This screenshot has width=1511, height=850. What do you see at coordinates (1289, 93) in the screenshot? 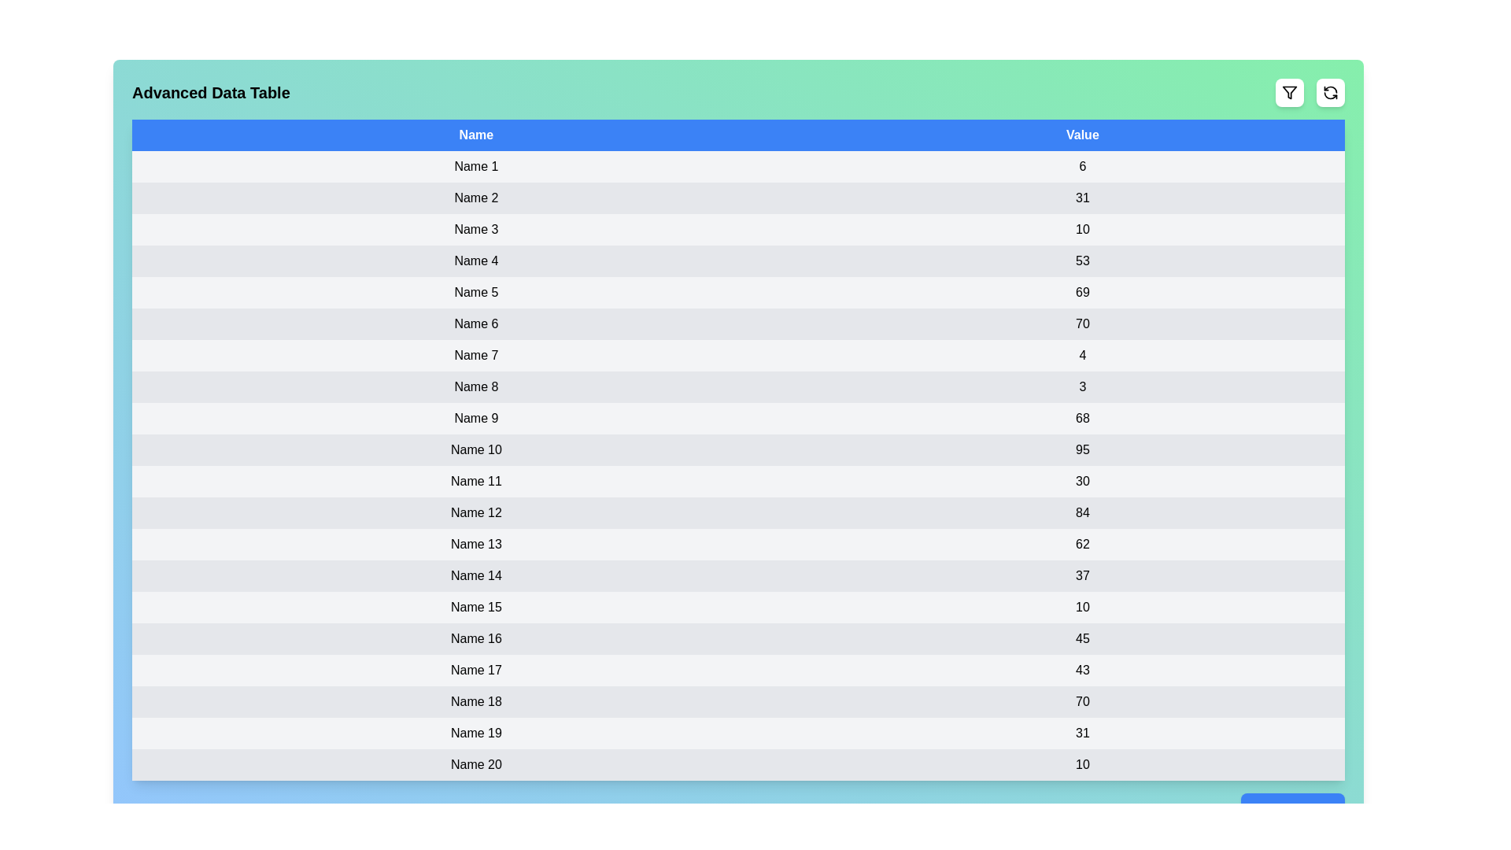
I see `the filter button to filter data` at bounding box center [1289, 93].